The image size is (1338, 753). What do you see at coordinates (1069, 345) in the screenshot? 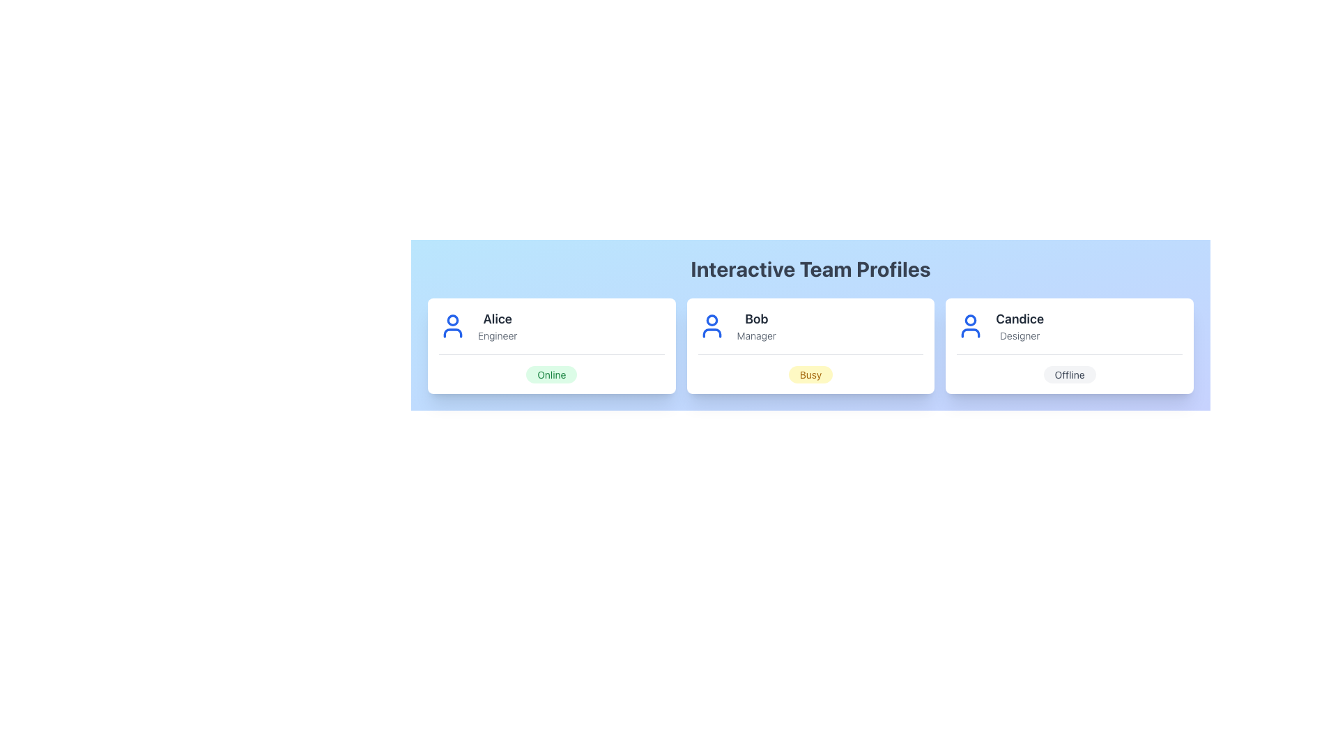
I see `the user details card for the user currently offline, which is the third card in the grid layout located in the rightmost column` at bounding box center [1069, 345].